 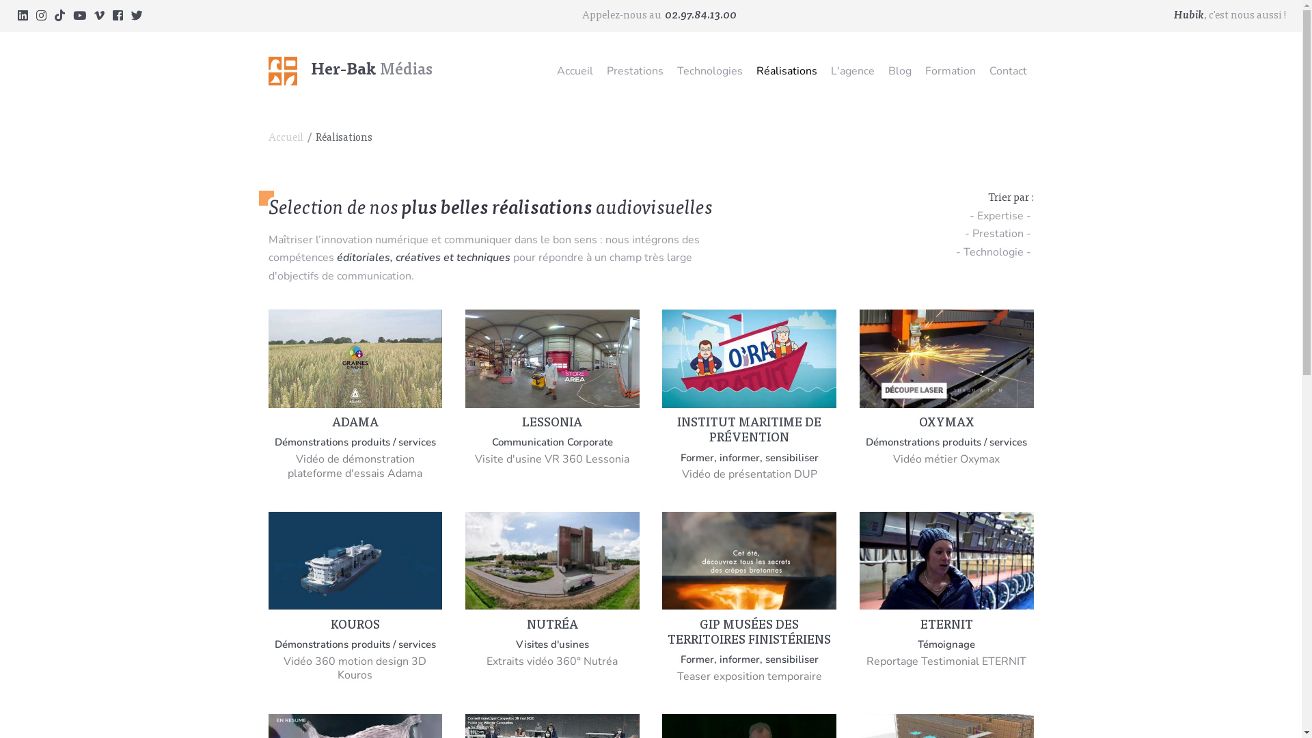 What do you see at coordinates (137, 15) in the screenshot?
I see `'Retrouvez nous sur Twitter'` at bounding box center [137, 15].